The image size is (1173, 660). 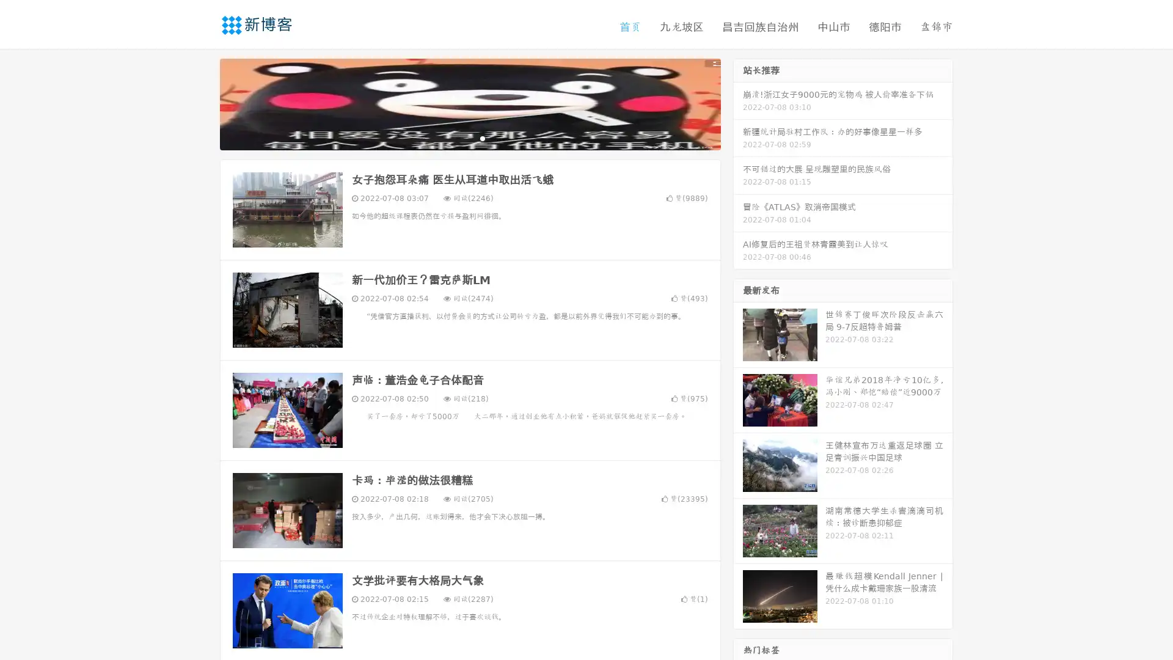 I want to click on Go to slide 3, so click(x=482, y=137).